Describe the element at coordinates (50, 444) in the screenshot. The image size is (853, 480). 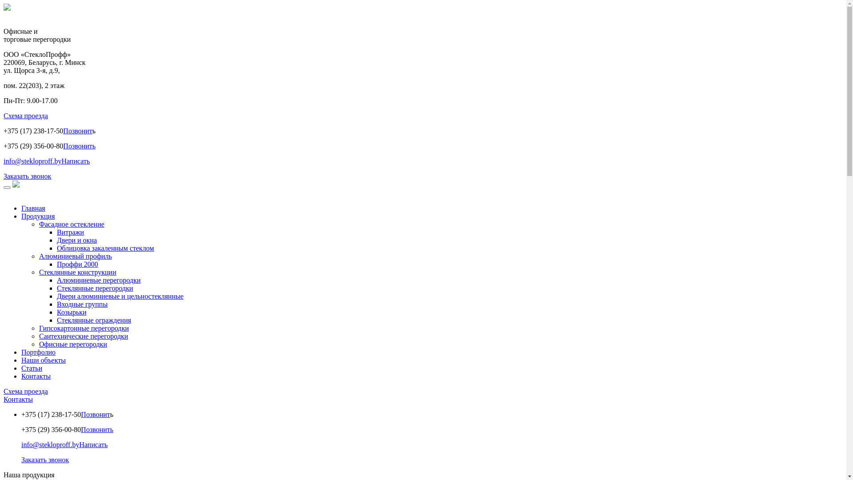
I see `'info@stekloproff.by'` at that location.